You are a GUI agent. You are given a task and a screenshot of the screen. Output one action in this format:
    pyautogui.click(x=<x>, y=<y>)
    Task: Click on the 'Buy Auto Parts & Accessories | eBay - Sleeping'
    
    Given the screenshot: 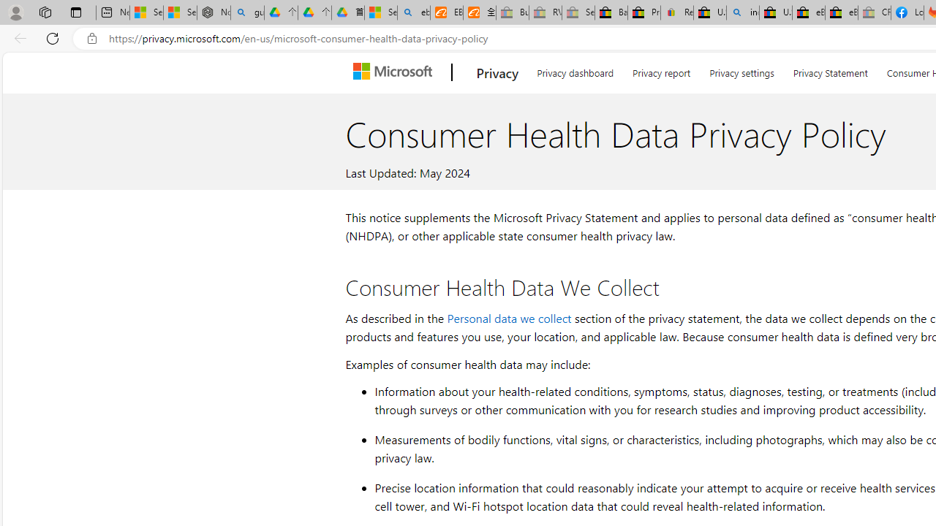 What is the action you would take?
    pyautogui.click(x=512, y=12)
    